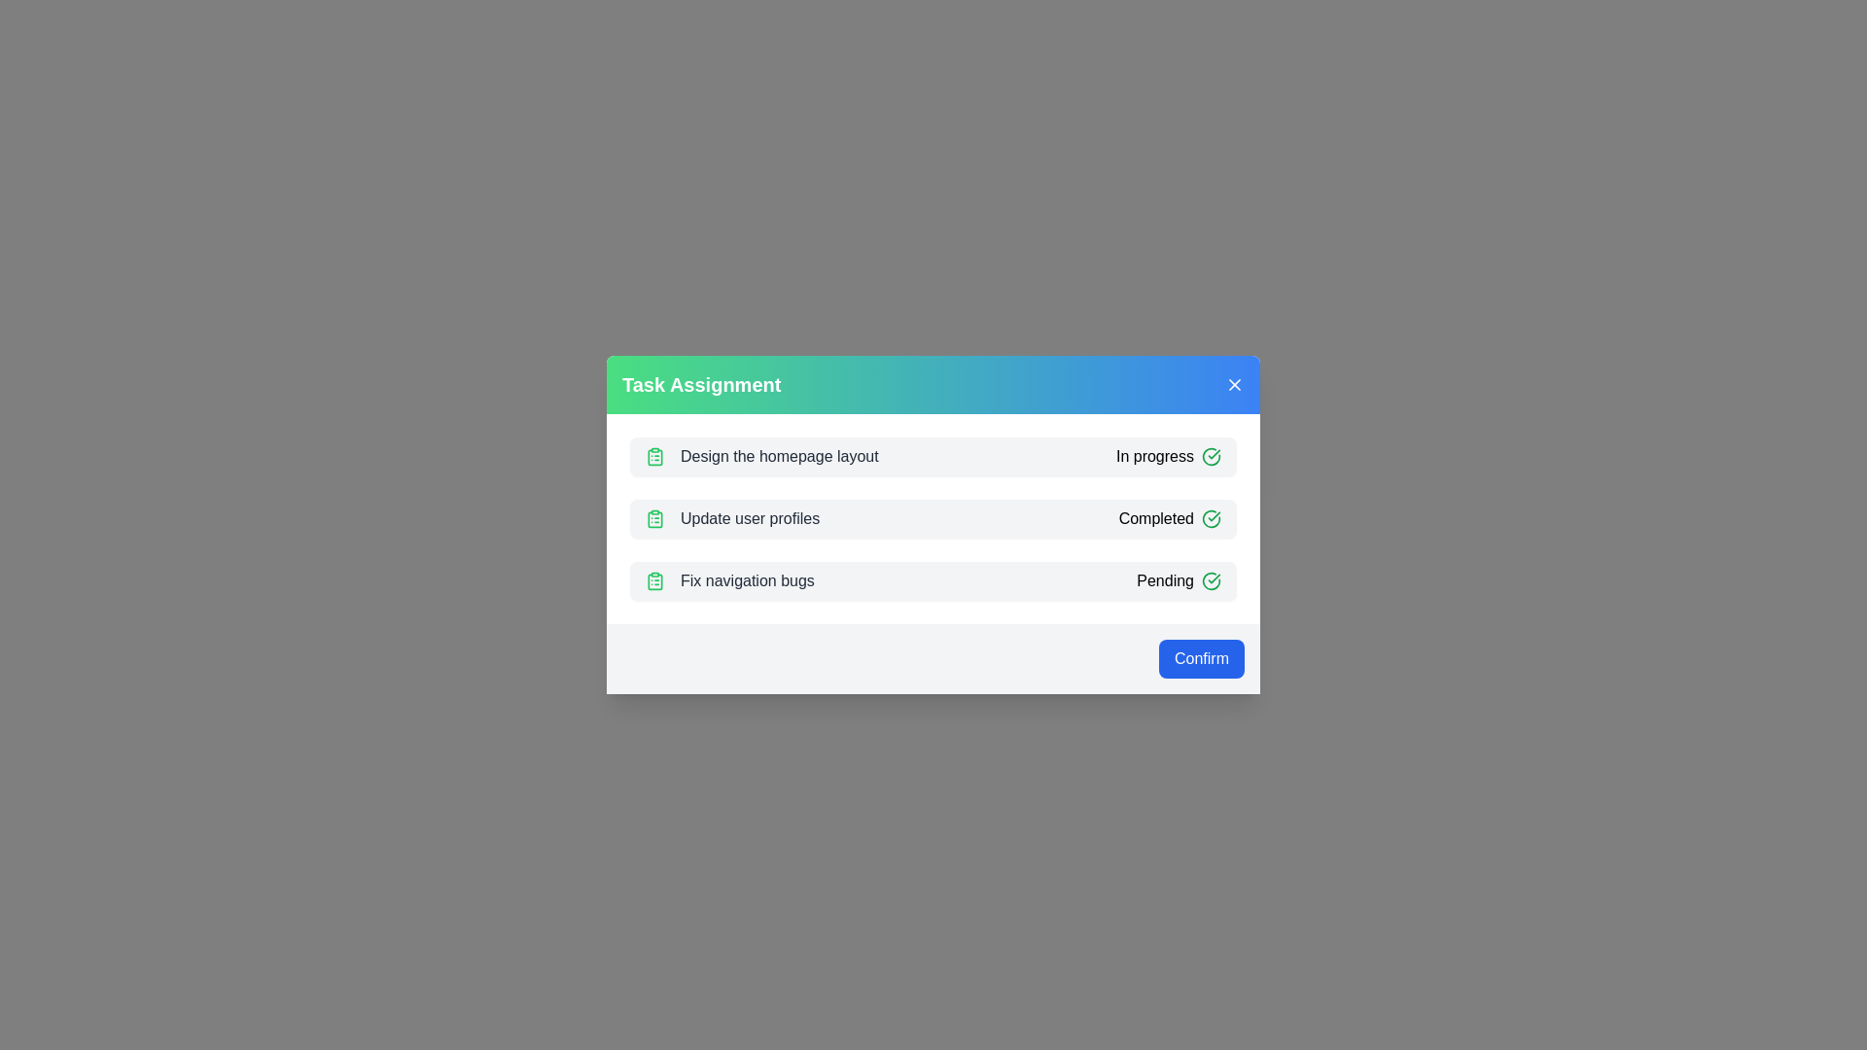 Image resolution: width=1867 pixels, height=1050 pixels. Describe the element at coordinates (654, 457) in the screenshot. I see `the clipboard icon that indicates the 'Design the homepage layout' task` at that location.